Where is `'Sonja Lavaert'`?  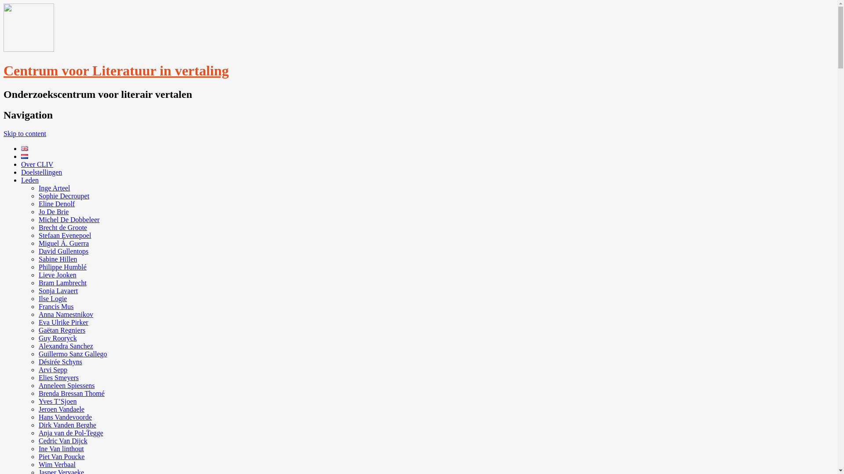 'Sonja Lavaert' is located at coordinates (58, 291).